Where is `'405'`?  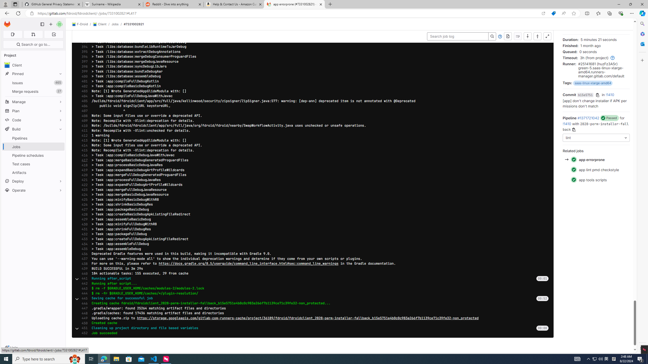
'405' is located at coordinates (83, 101).